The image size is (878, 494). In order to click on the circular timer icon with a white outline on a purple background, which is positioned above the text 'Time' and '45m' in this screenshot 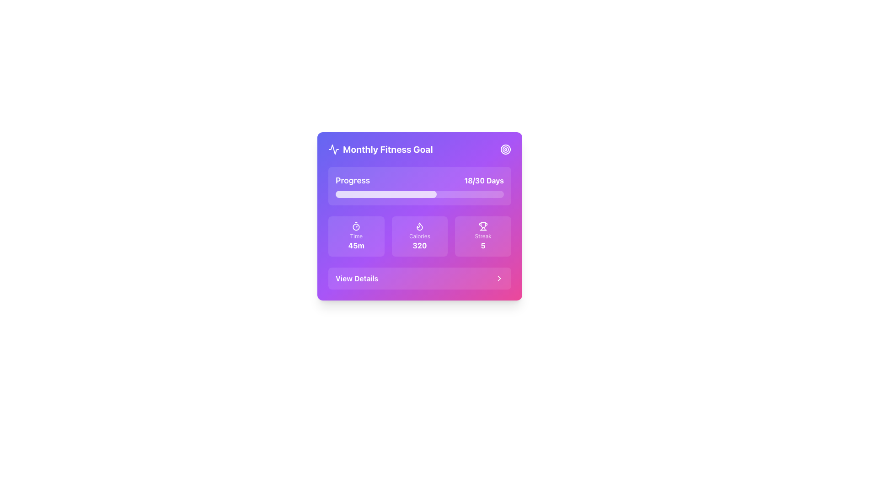, I will do `click(356, 226)`.